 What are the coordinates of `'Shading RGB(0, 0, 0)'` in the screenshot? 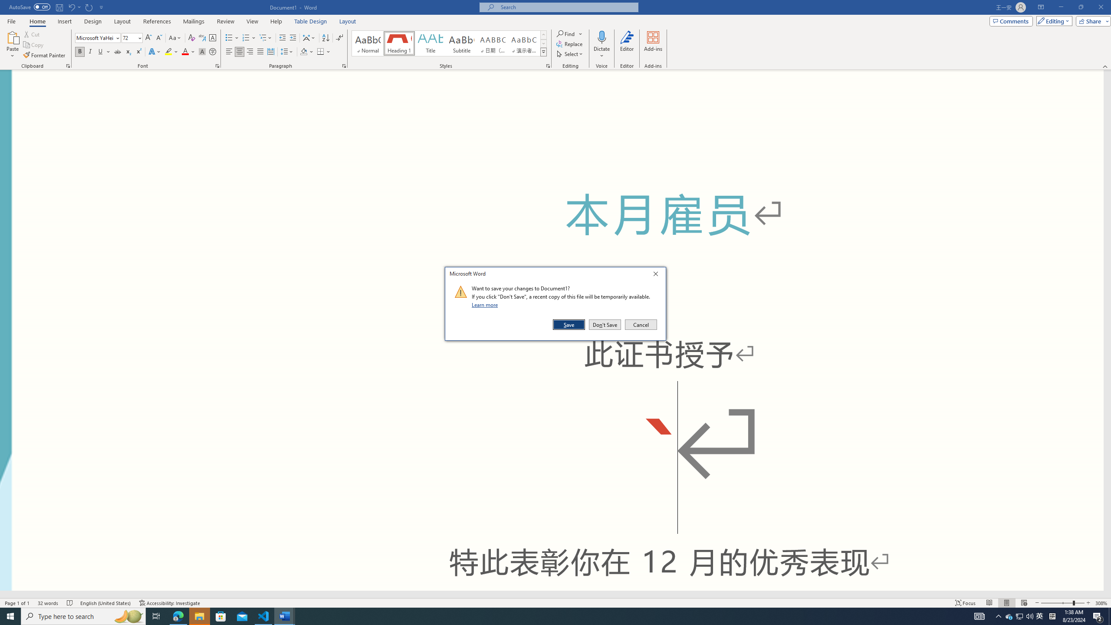 It's located at (304, 51).